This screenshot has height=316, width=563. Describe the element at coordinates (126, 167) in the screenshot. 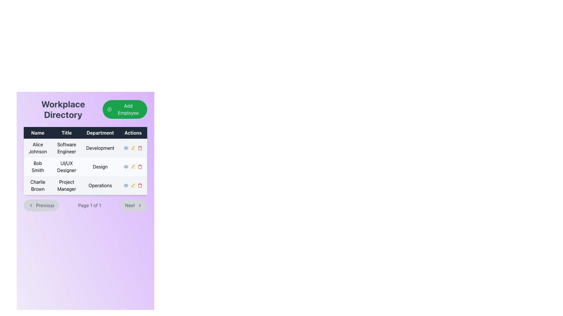

I see `the visibility icon in the 'Actions' column for Bob Smith in the second row of the table` at that location.